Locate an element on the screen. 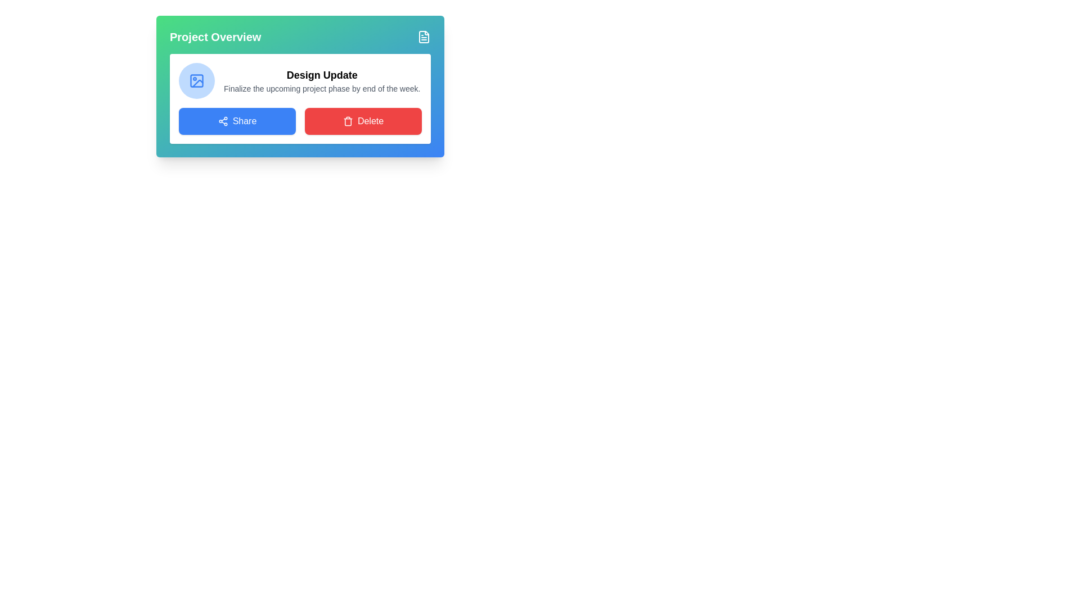 The image size is (1080, 607). the sharing button located to the left of the red 'Delete' button at the bottom of the 'Project Overview' card is located at coordinates (237, 121).